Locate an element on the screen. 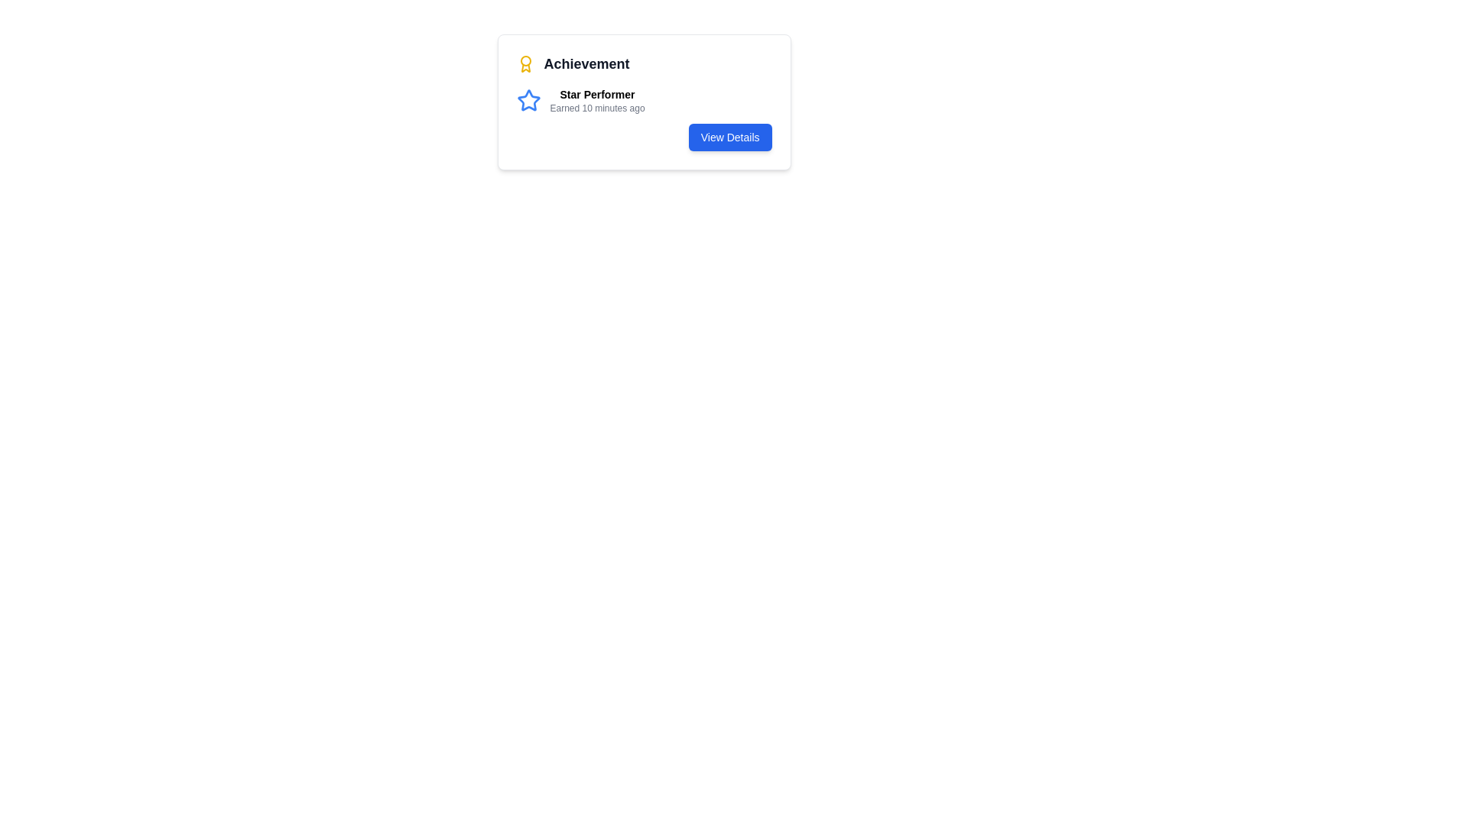  the 'Star Performer' icon located to the left of the 'Star Performer' text block in the 'Achievement' section is located at coordinates (528, 100).